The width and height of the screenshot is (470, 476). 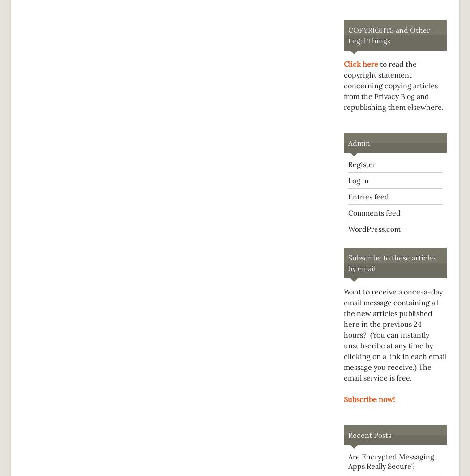 I want to click on 'Comments feed', so click(x=348, y=212).